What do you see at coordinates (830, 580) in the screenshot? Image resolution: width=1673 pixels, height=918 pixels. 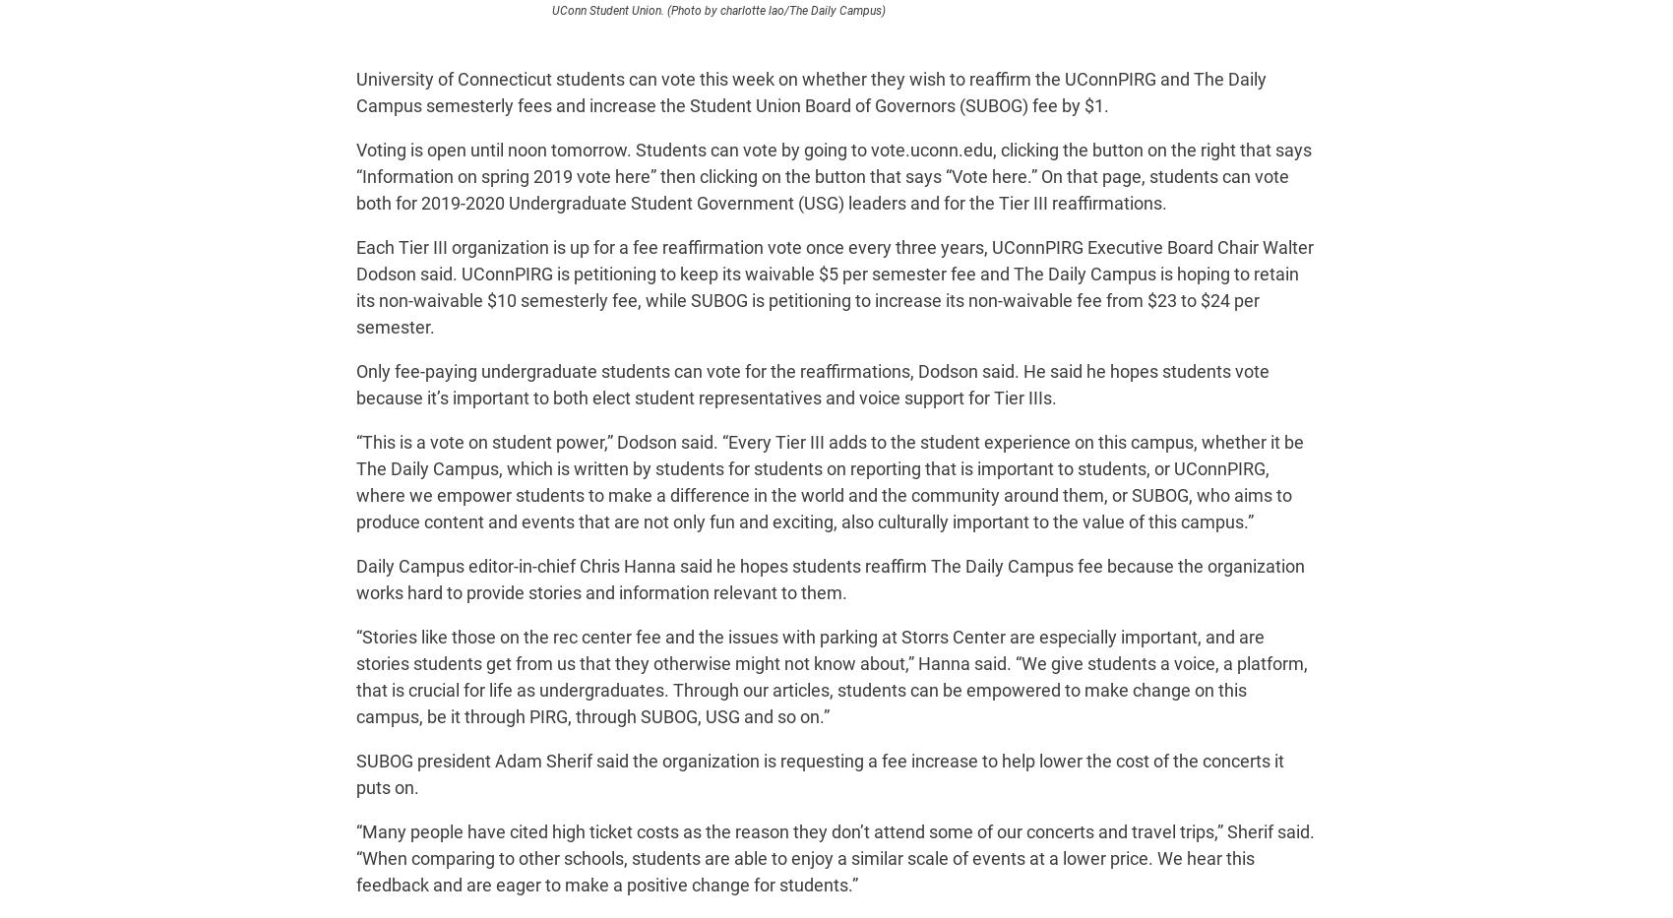 I see `'Daily Campus editor-in-chief Chris Hanna said he hopes students reaffirm The Daily Campus fee because the organization works hard to provide stories and information relevant to them.'` at bounding box center [830, 580].